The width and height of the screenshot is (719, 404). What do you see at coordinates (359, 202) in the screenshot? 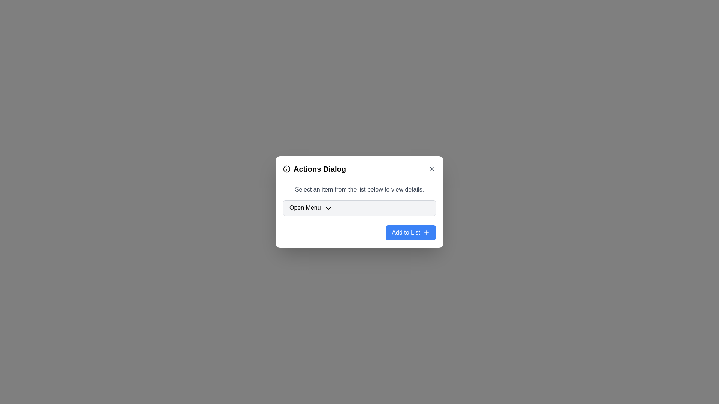
I see `the center of the dialog box to focus on it` at bounding box center [359, 202].